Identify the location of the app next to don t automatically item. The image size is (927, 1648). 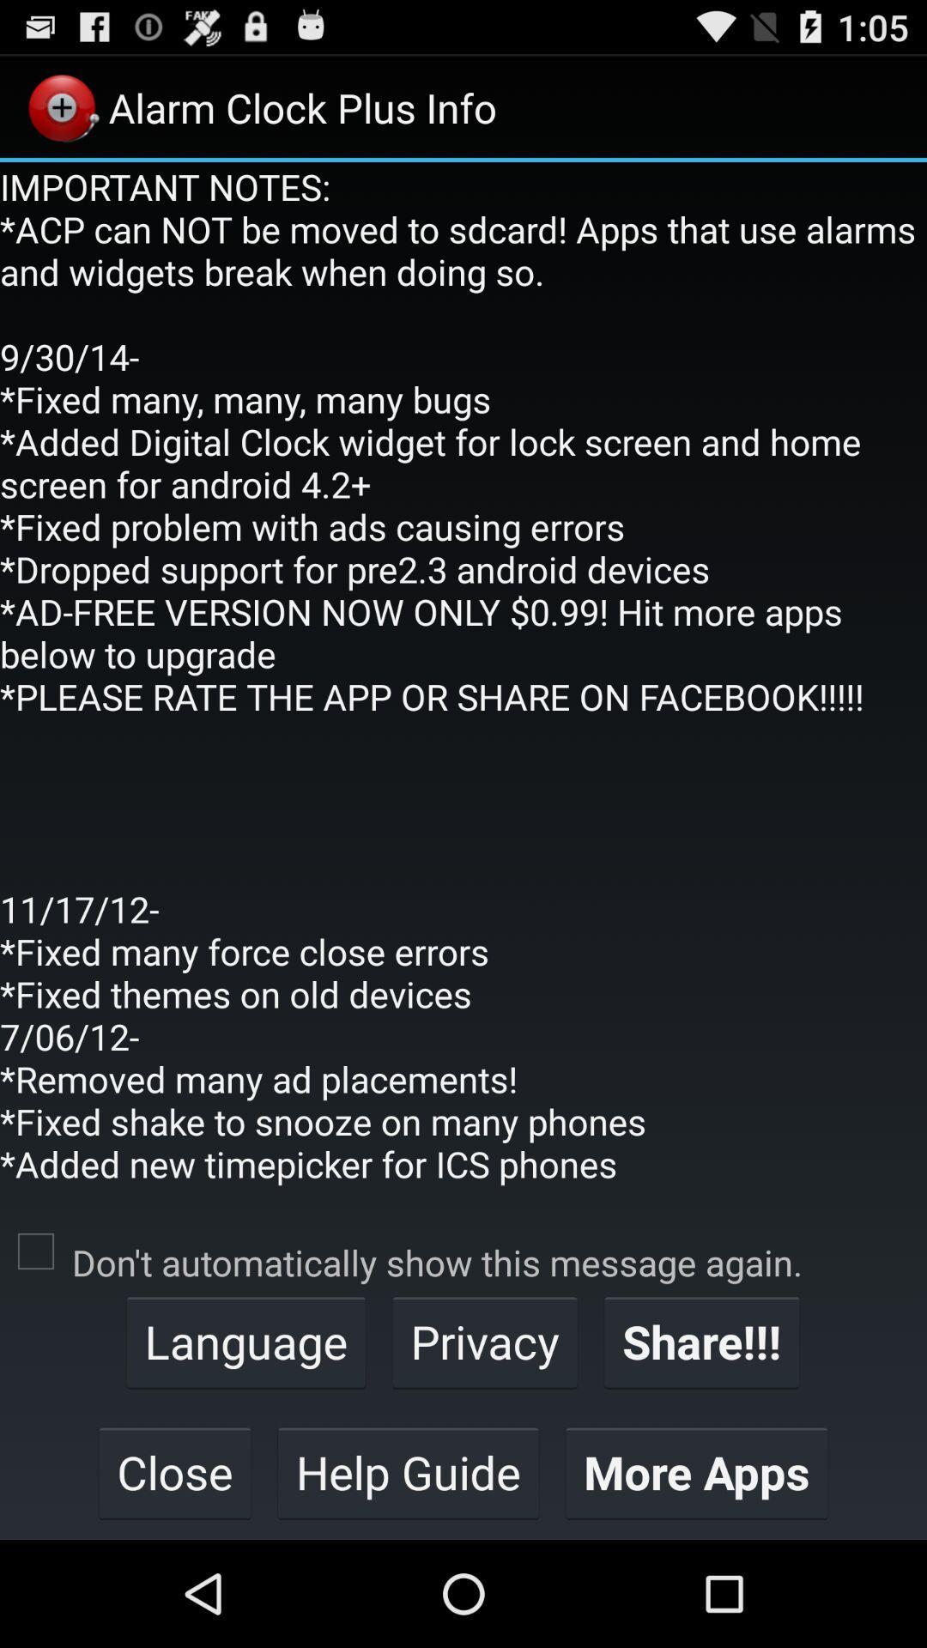
(36, 1251).